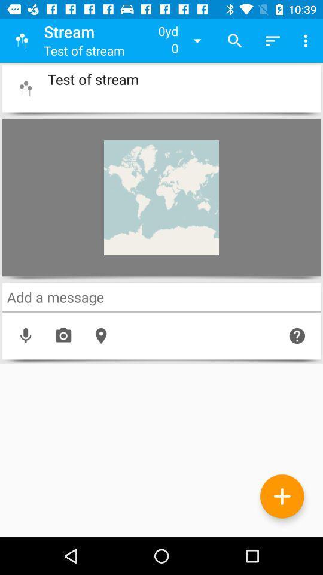 Image resolution: width=323 pixels, height=575 pixels. I want to click on a new item, so click(282, 496).